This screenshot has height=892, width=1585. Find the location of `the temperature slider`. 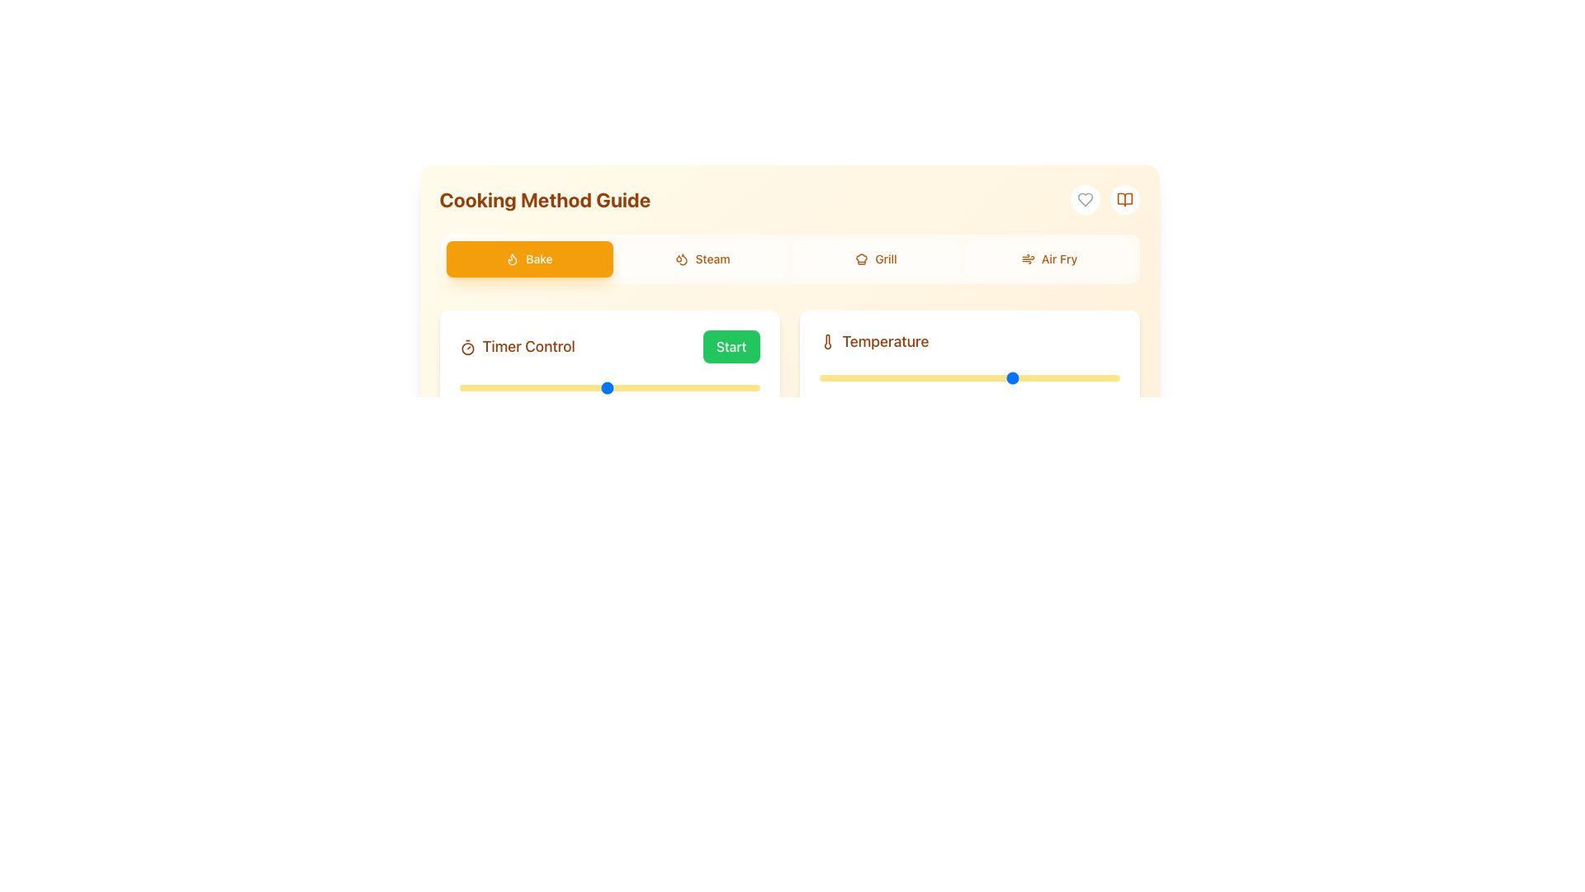

the temperature slider is located at coordinates (1024, 378).